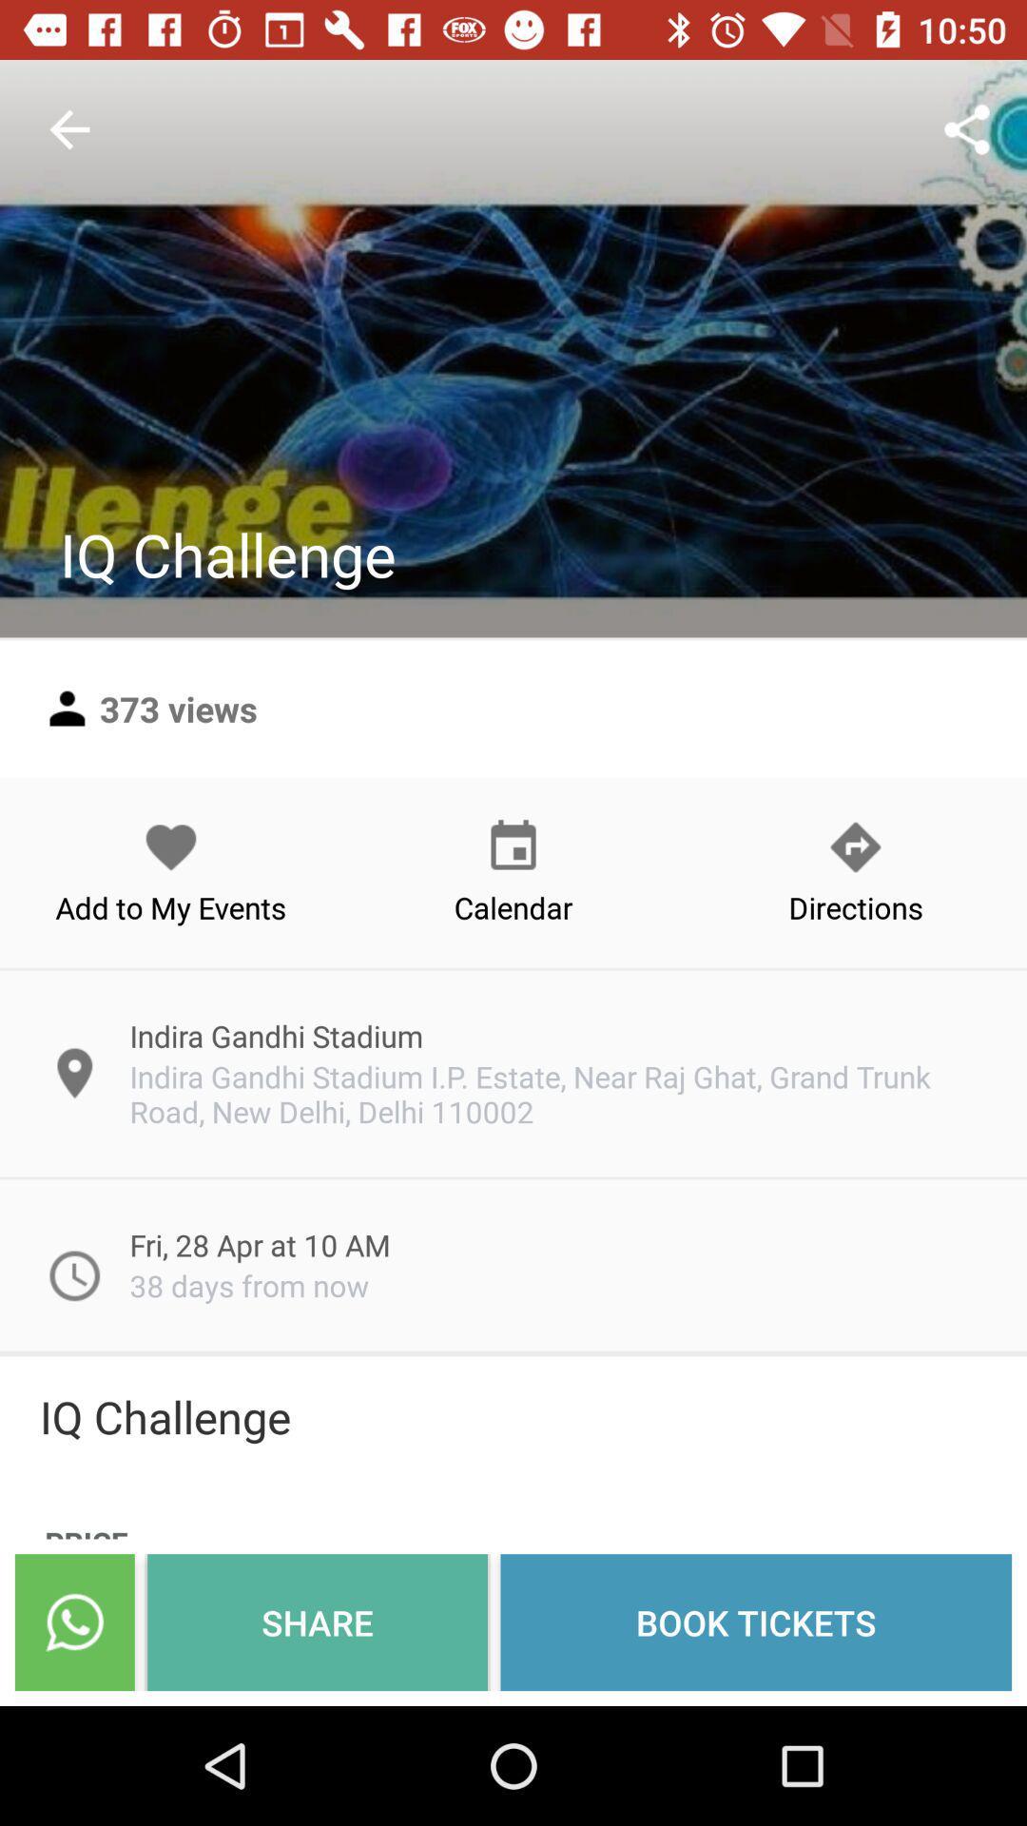 The image size is (1027, 1826). What do you see at coordinates (171, 871) in the screenshot?
I see `the icon to the left of the calendar` at bounding box center [171, 871].